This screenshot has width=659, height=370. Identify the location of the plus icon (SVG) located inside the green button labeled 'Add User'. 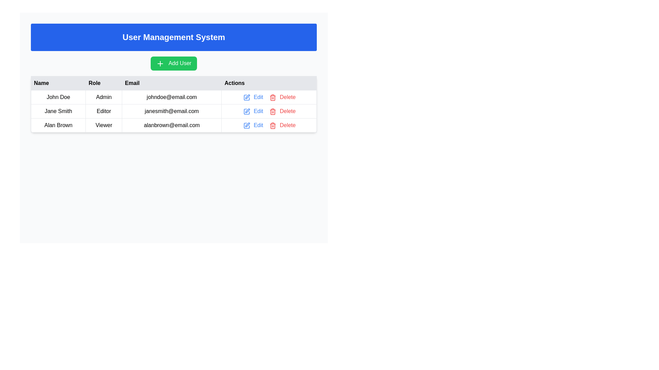
(160, 63).